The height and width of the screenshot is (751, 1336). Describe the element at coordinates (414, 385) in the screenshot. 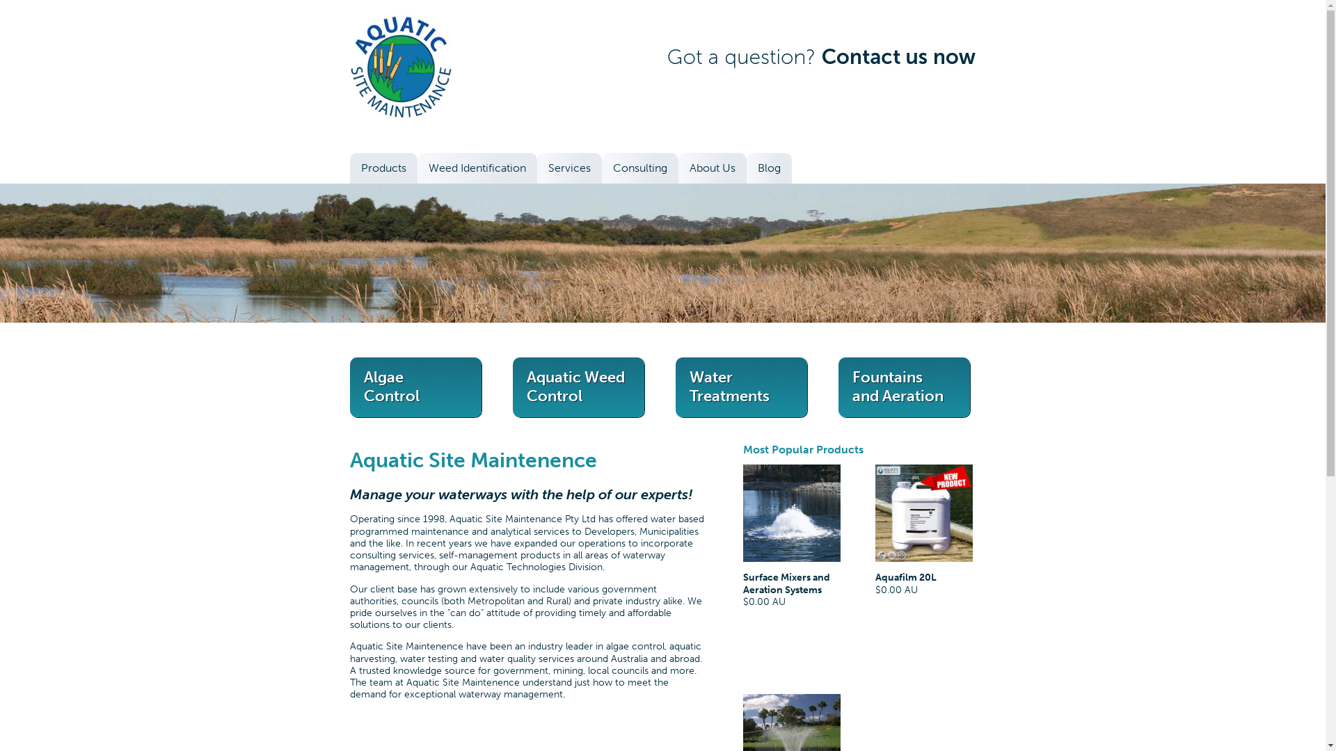

I see `'Algae` at that location.